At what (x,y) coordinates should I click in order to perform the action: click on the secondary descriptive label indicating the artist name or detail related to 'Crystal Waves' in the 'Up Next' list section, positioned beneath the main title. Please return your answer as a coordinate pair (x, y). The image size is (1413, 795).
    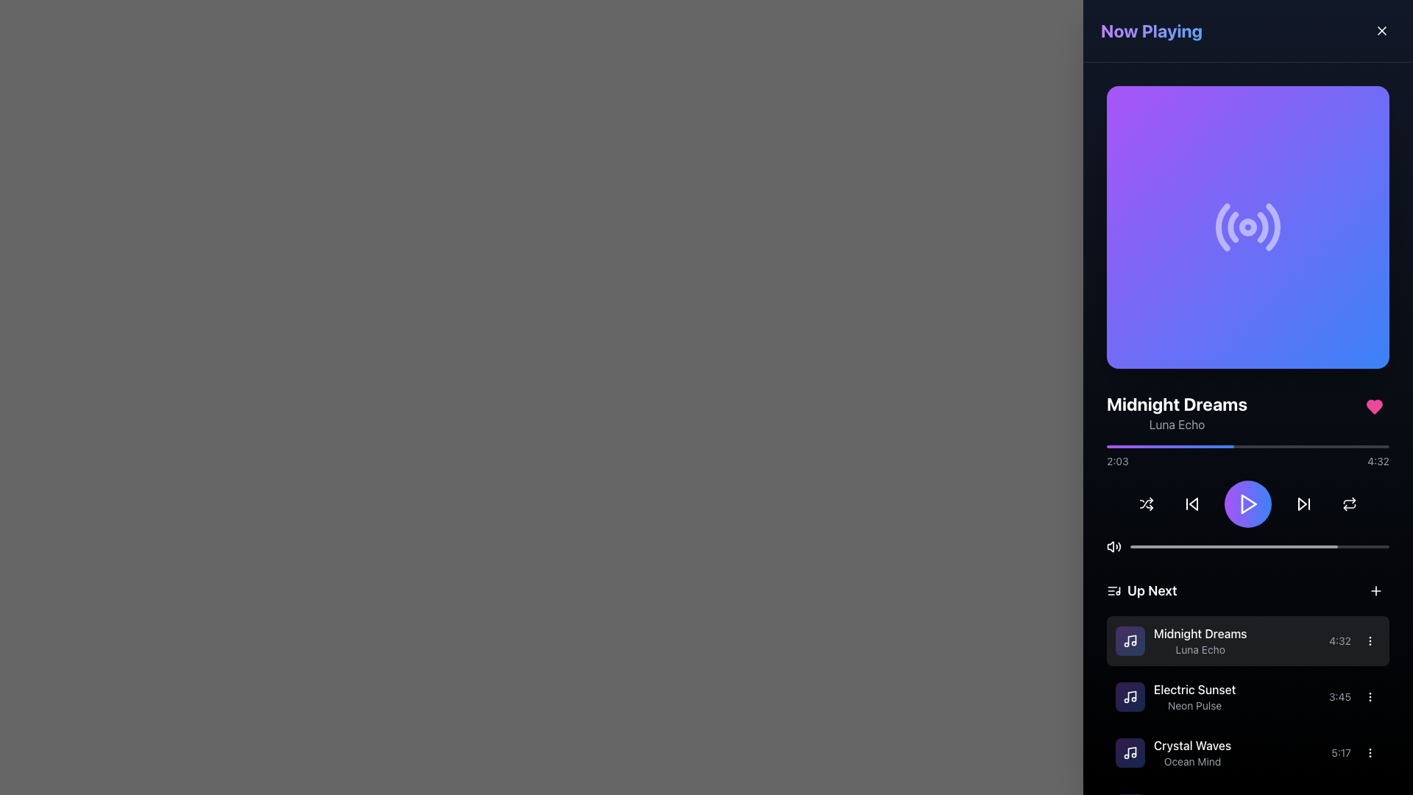
    Looking at the image, I should click on (1192, 761).